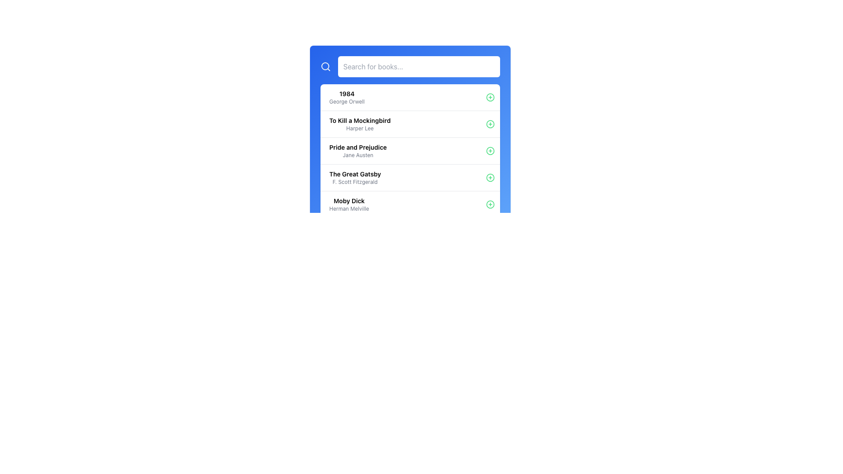 The image size is (843, 474). I want to click on the Text Label displaying 'Pride and Prejudice', which is the upper text in a vertically listed section of book results, so click(358, 147).